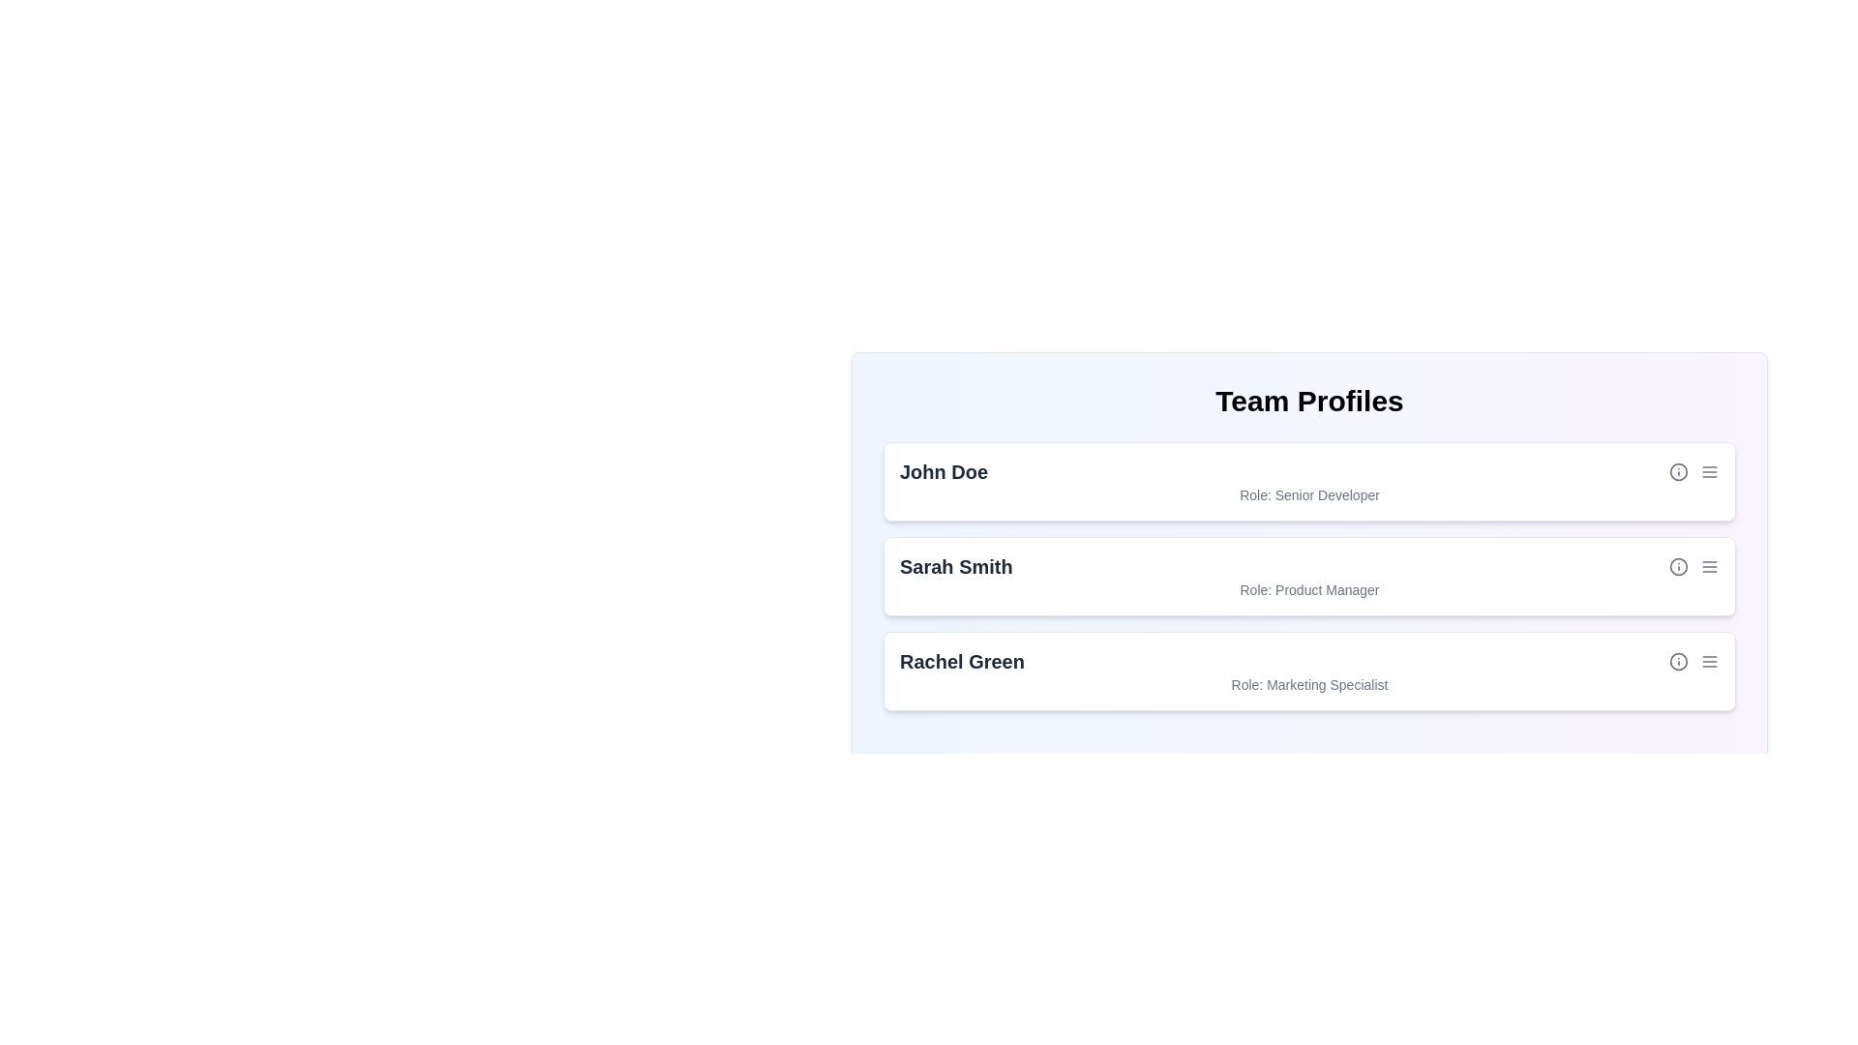  I want to click on the text element displaying the role of the individual, located between 'John Doe' and 'Rachel Green' in the 'Team Profiles' area, directly below 'Sarah Smith', so click(1309, 588).